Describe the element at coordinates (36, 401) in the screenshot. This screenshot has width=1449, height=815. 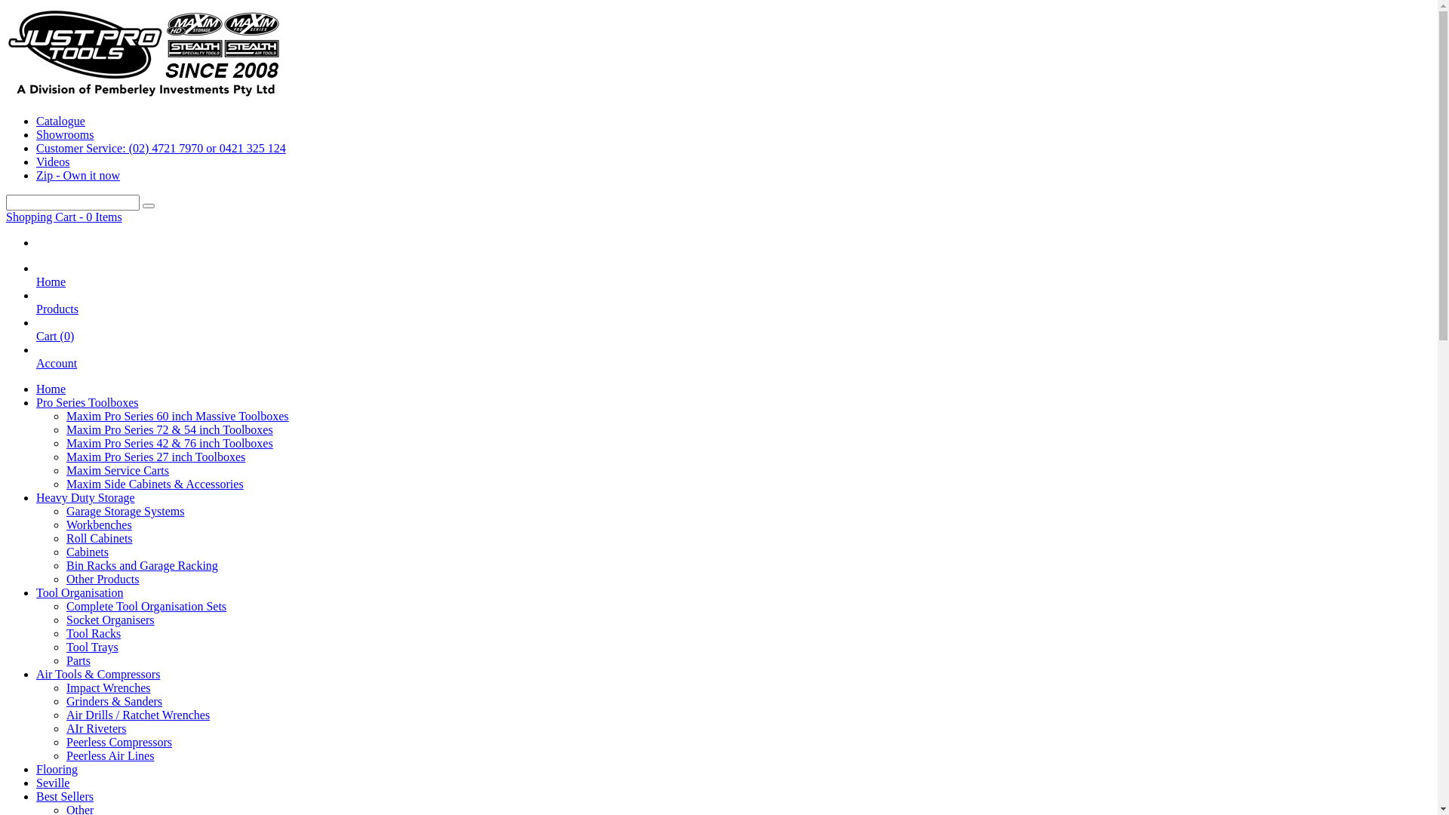
I see `'Pro Series Toolboxes'` at that location.